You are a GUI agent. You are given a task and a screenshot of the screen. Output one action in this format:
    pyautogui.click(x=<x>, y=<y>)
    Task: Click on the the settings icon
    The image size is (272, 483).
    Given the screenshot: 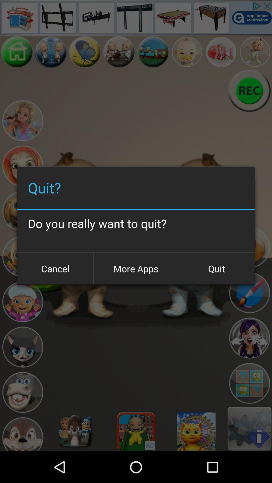 What is the action you would take?
    pyautogui.click(x=196, y=462)
    